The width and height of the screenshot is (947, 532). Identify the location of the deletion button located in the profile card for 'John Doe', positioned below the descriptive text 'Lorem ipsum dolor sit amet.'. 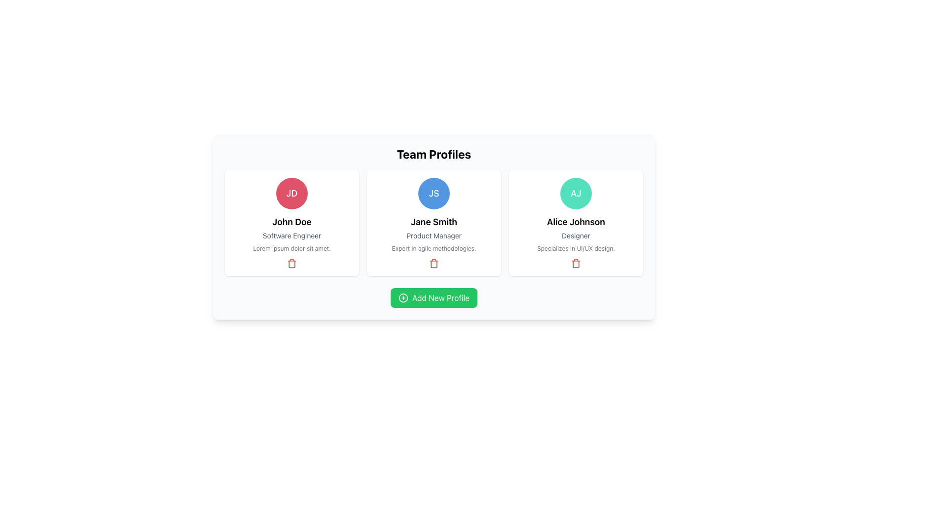
(291, 263).